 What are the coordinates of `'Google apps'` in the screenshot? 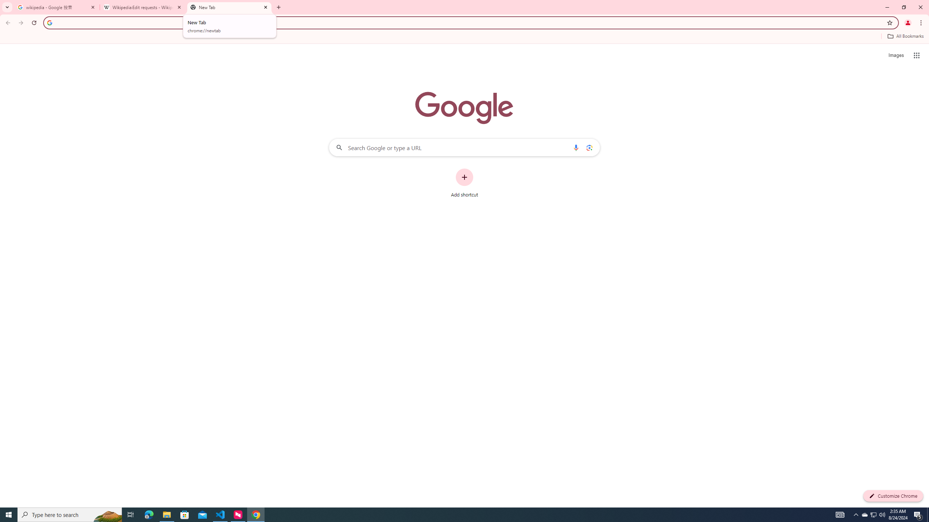 It's located at (917, 55).